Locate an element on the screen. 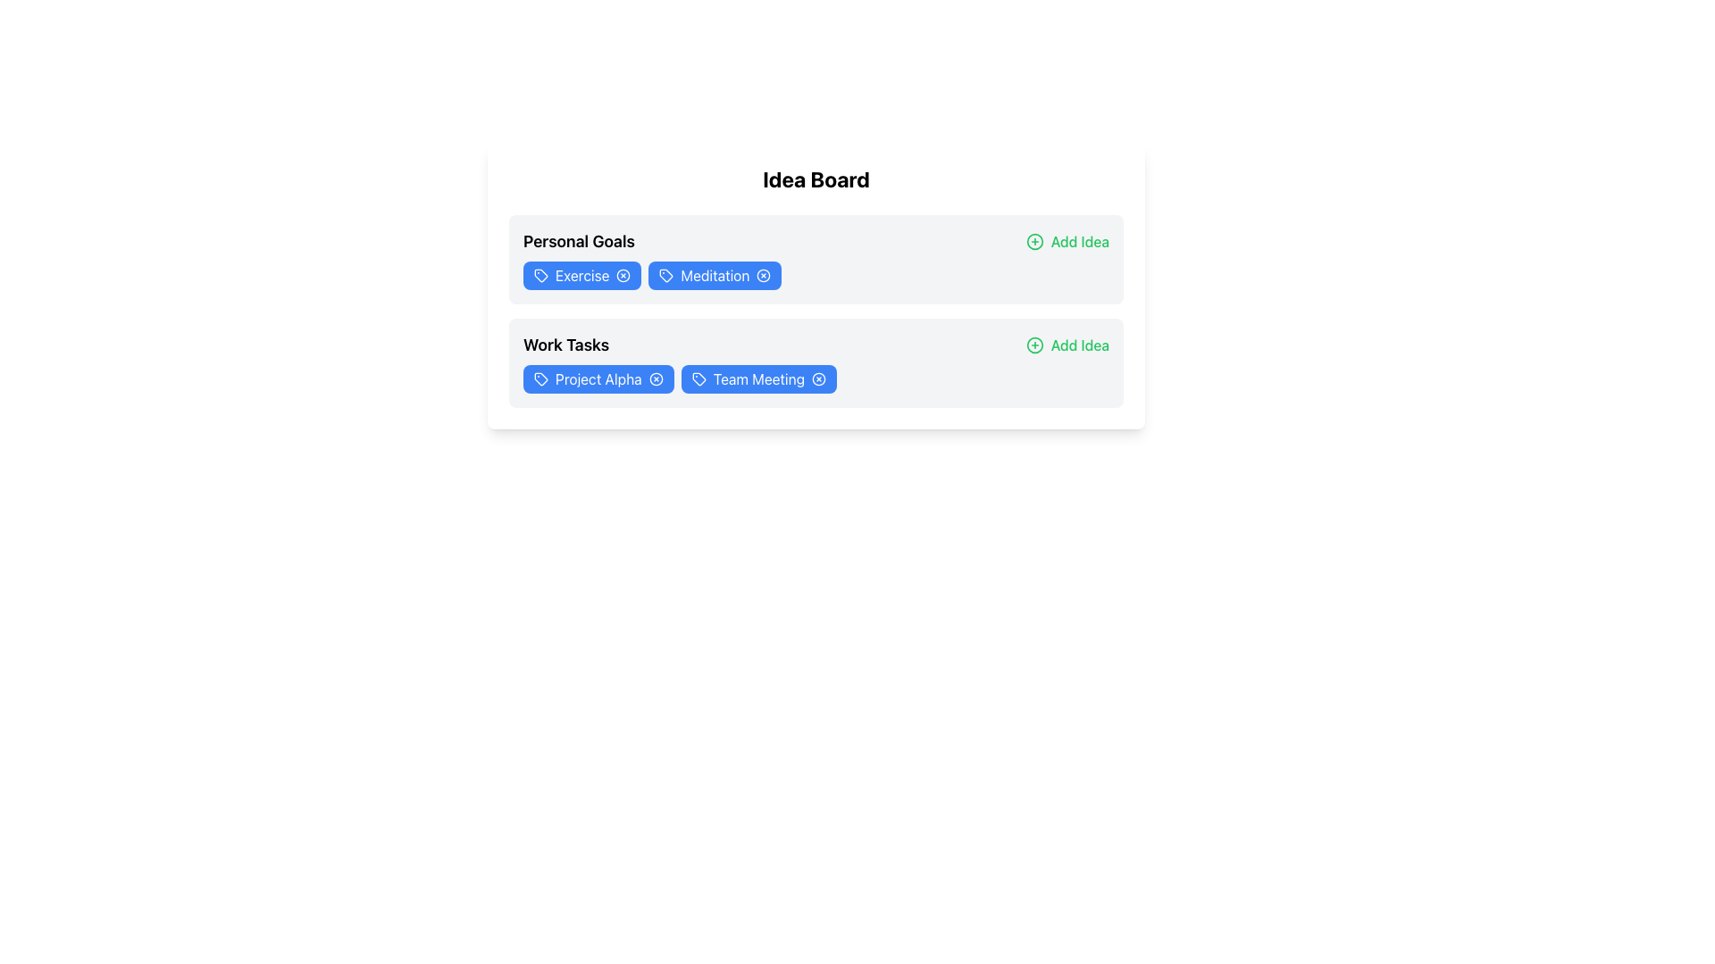 The width and height of the screenshot is (1715, 964). the 'Team Meeting' icon element located in the 'Work Tasks' section, which is adjacent to the text label and before the delete button is located at coordinates (698, 378).